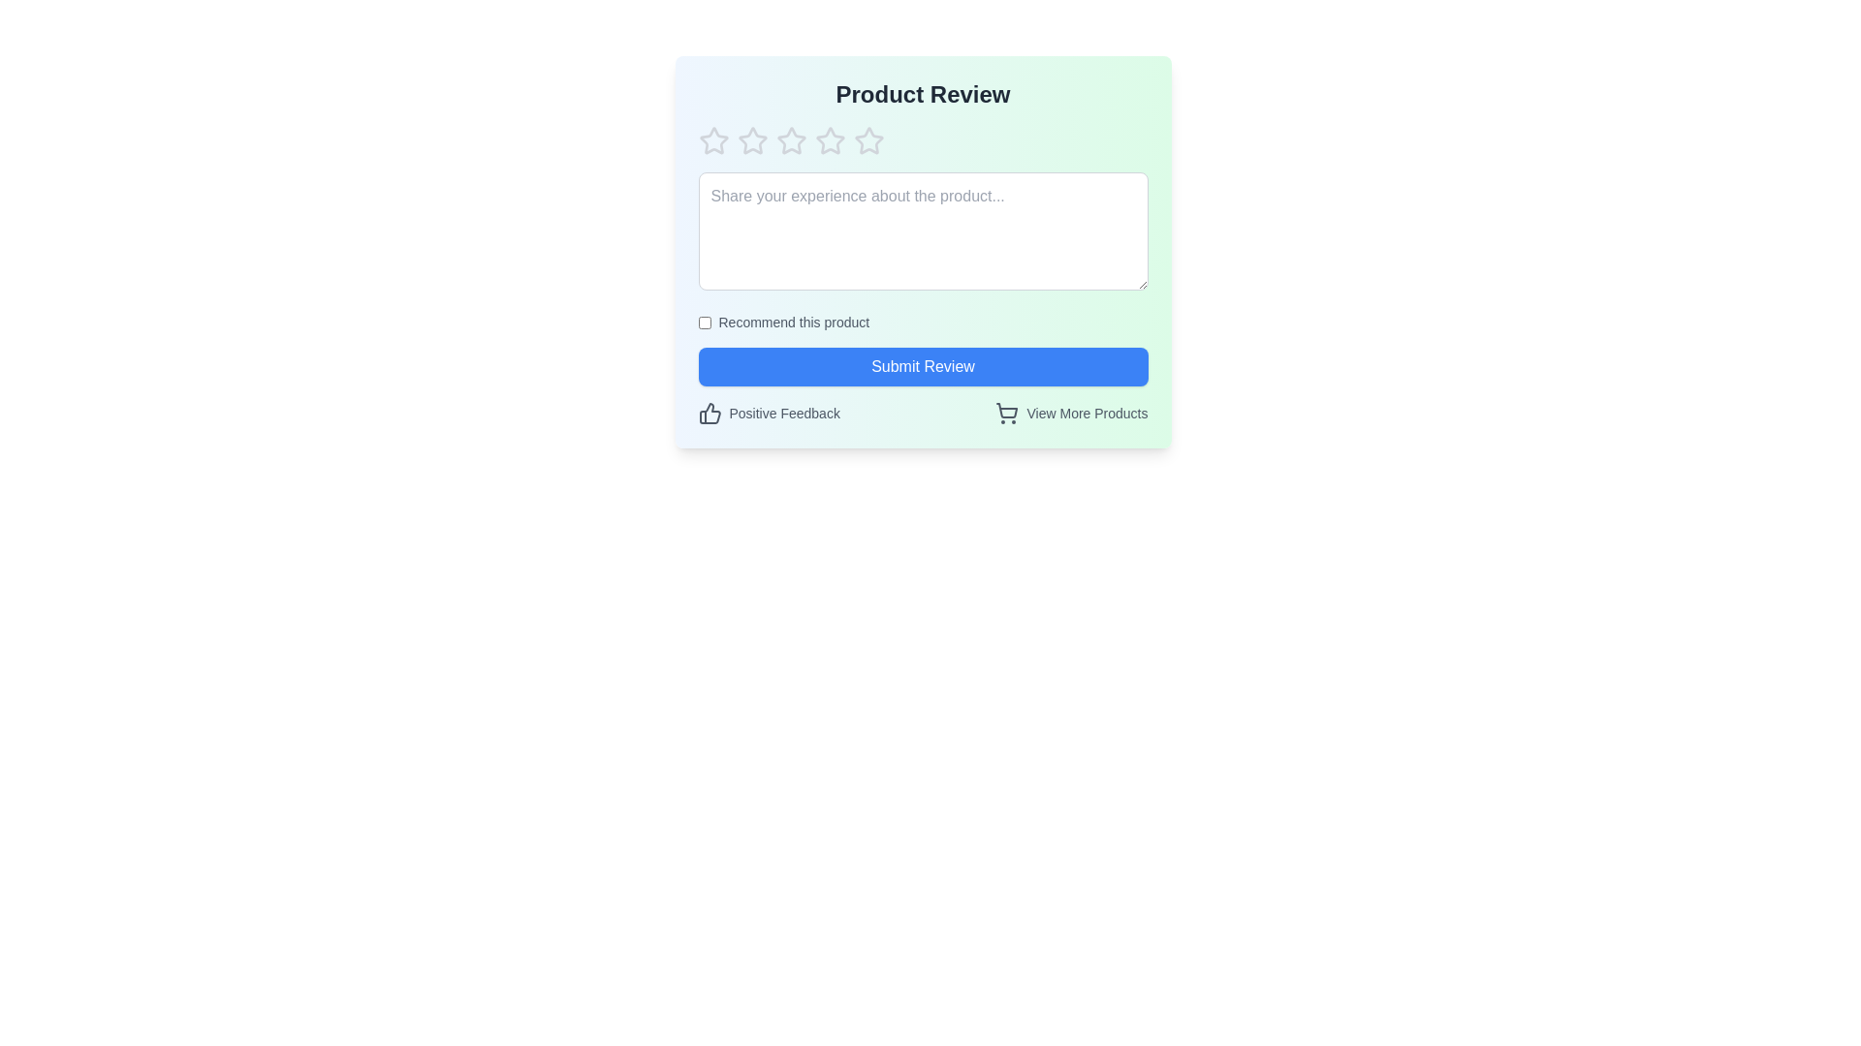  I want to click on the star representing 1 stars to preview the rating, so click(712, 140).